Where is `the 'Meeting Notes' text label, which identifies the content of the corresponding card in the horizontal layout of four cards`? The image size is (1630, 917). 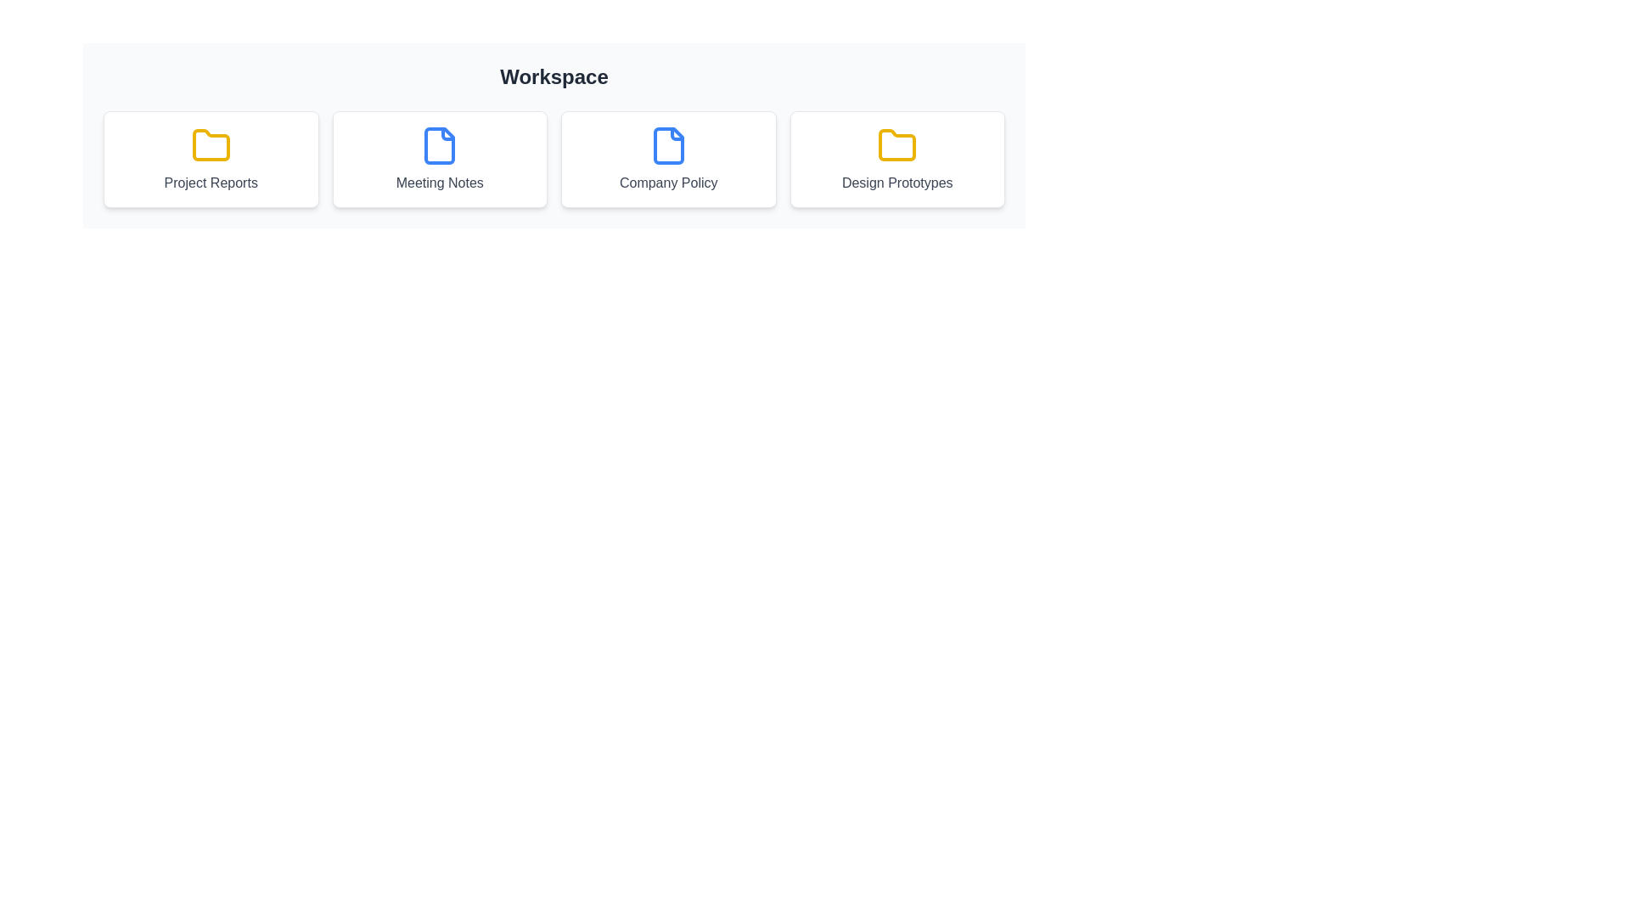 the 'Meeting Notes' text label, which identifies the content of the corresponding card in the horizontal layout of four cards is located at coordinates (440, 183).